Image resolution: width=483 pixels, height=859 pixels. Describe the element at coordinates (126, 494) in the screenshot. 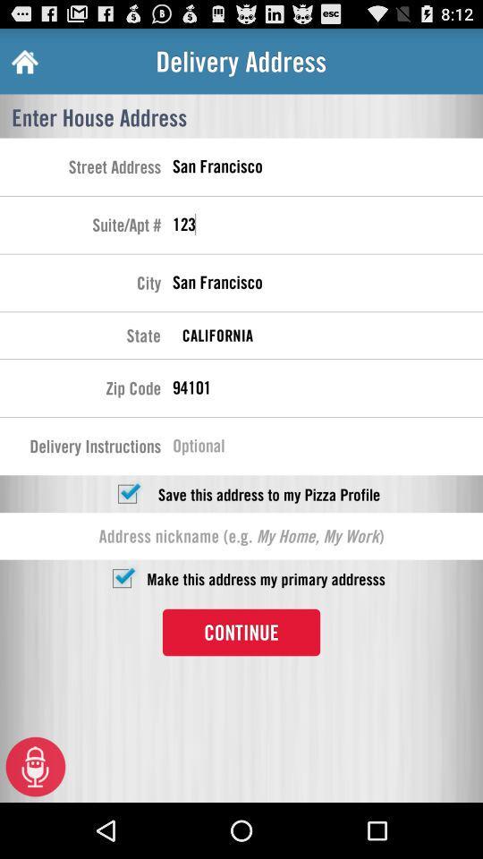

I see `save` at that location.